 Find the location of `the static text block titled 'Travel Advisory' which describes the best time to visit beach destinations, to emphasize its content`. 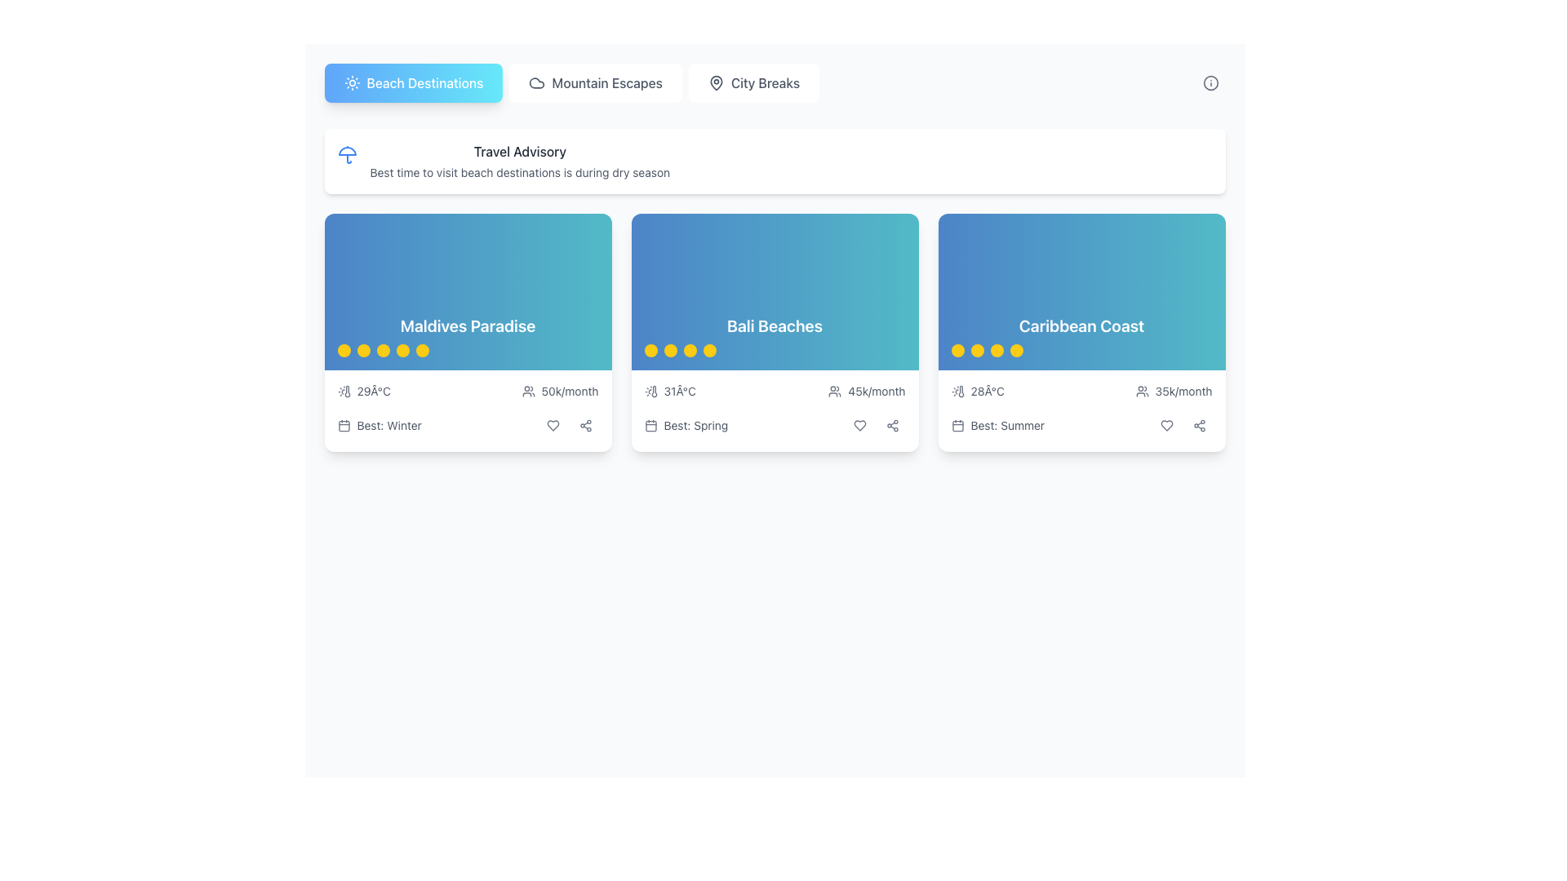

the static text block titled 'Travel Advisory' which describes the best time to visit beach destinations, to emphasize its content is located at coordinates (519, 161).